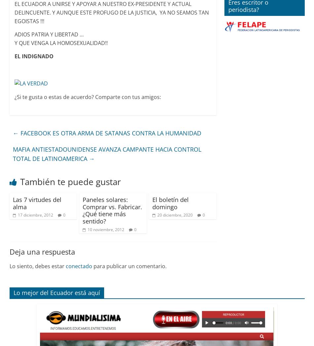  I want to click on '17 diciembre, 2012', so click(18, 215).